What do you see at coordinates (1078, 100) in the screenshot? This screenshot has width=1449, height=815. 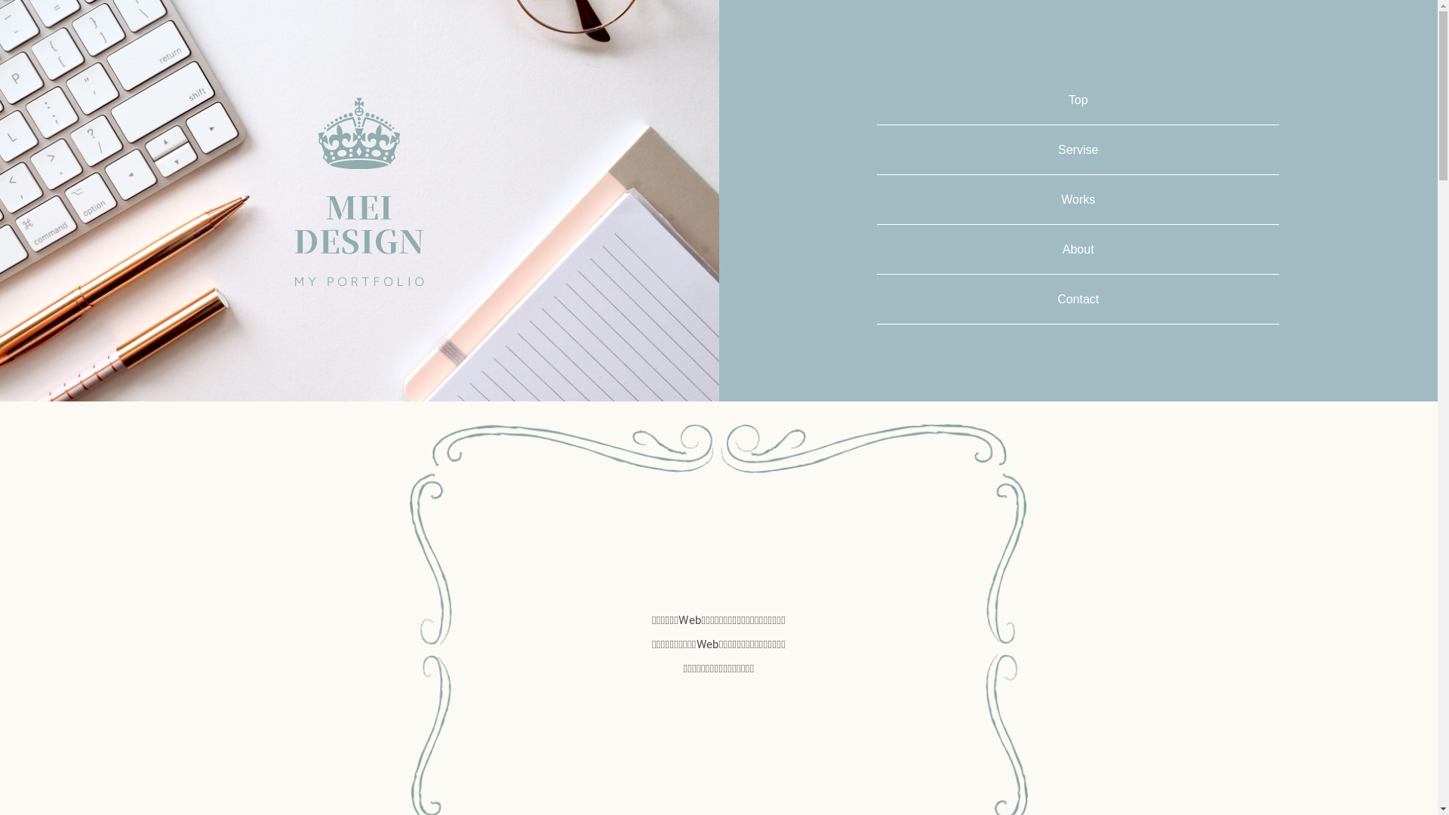 I see `'Top'` at bounding box center [1078, 100].